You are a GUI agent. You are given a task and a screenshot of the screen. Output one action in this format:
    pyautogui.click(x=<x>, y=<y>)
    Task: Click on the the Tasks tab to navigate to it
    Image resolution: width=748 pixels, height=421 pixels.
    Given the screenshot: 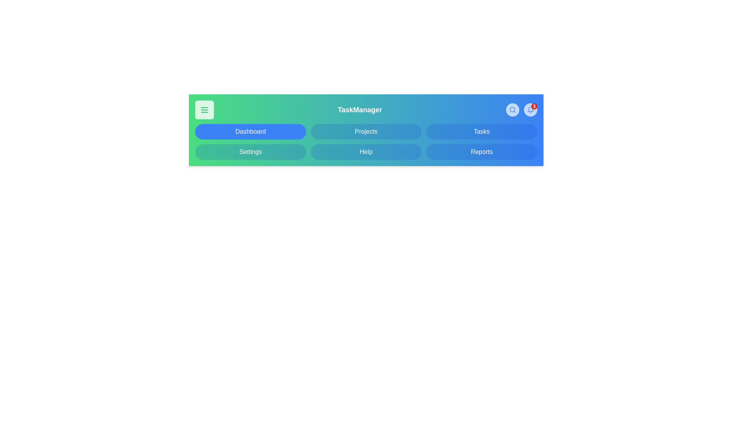 What is the action you would take?
    pyautogui.click(x=481, y=131)
    